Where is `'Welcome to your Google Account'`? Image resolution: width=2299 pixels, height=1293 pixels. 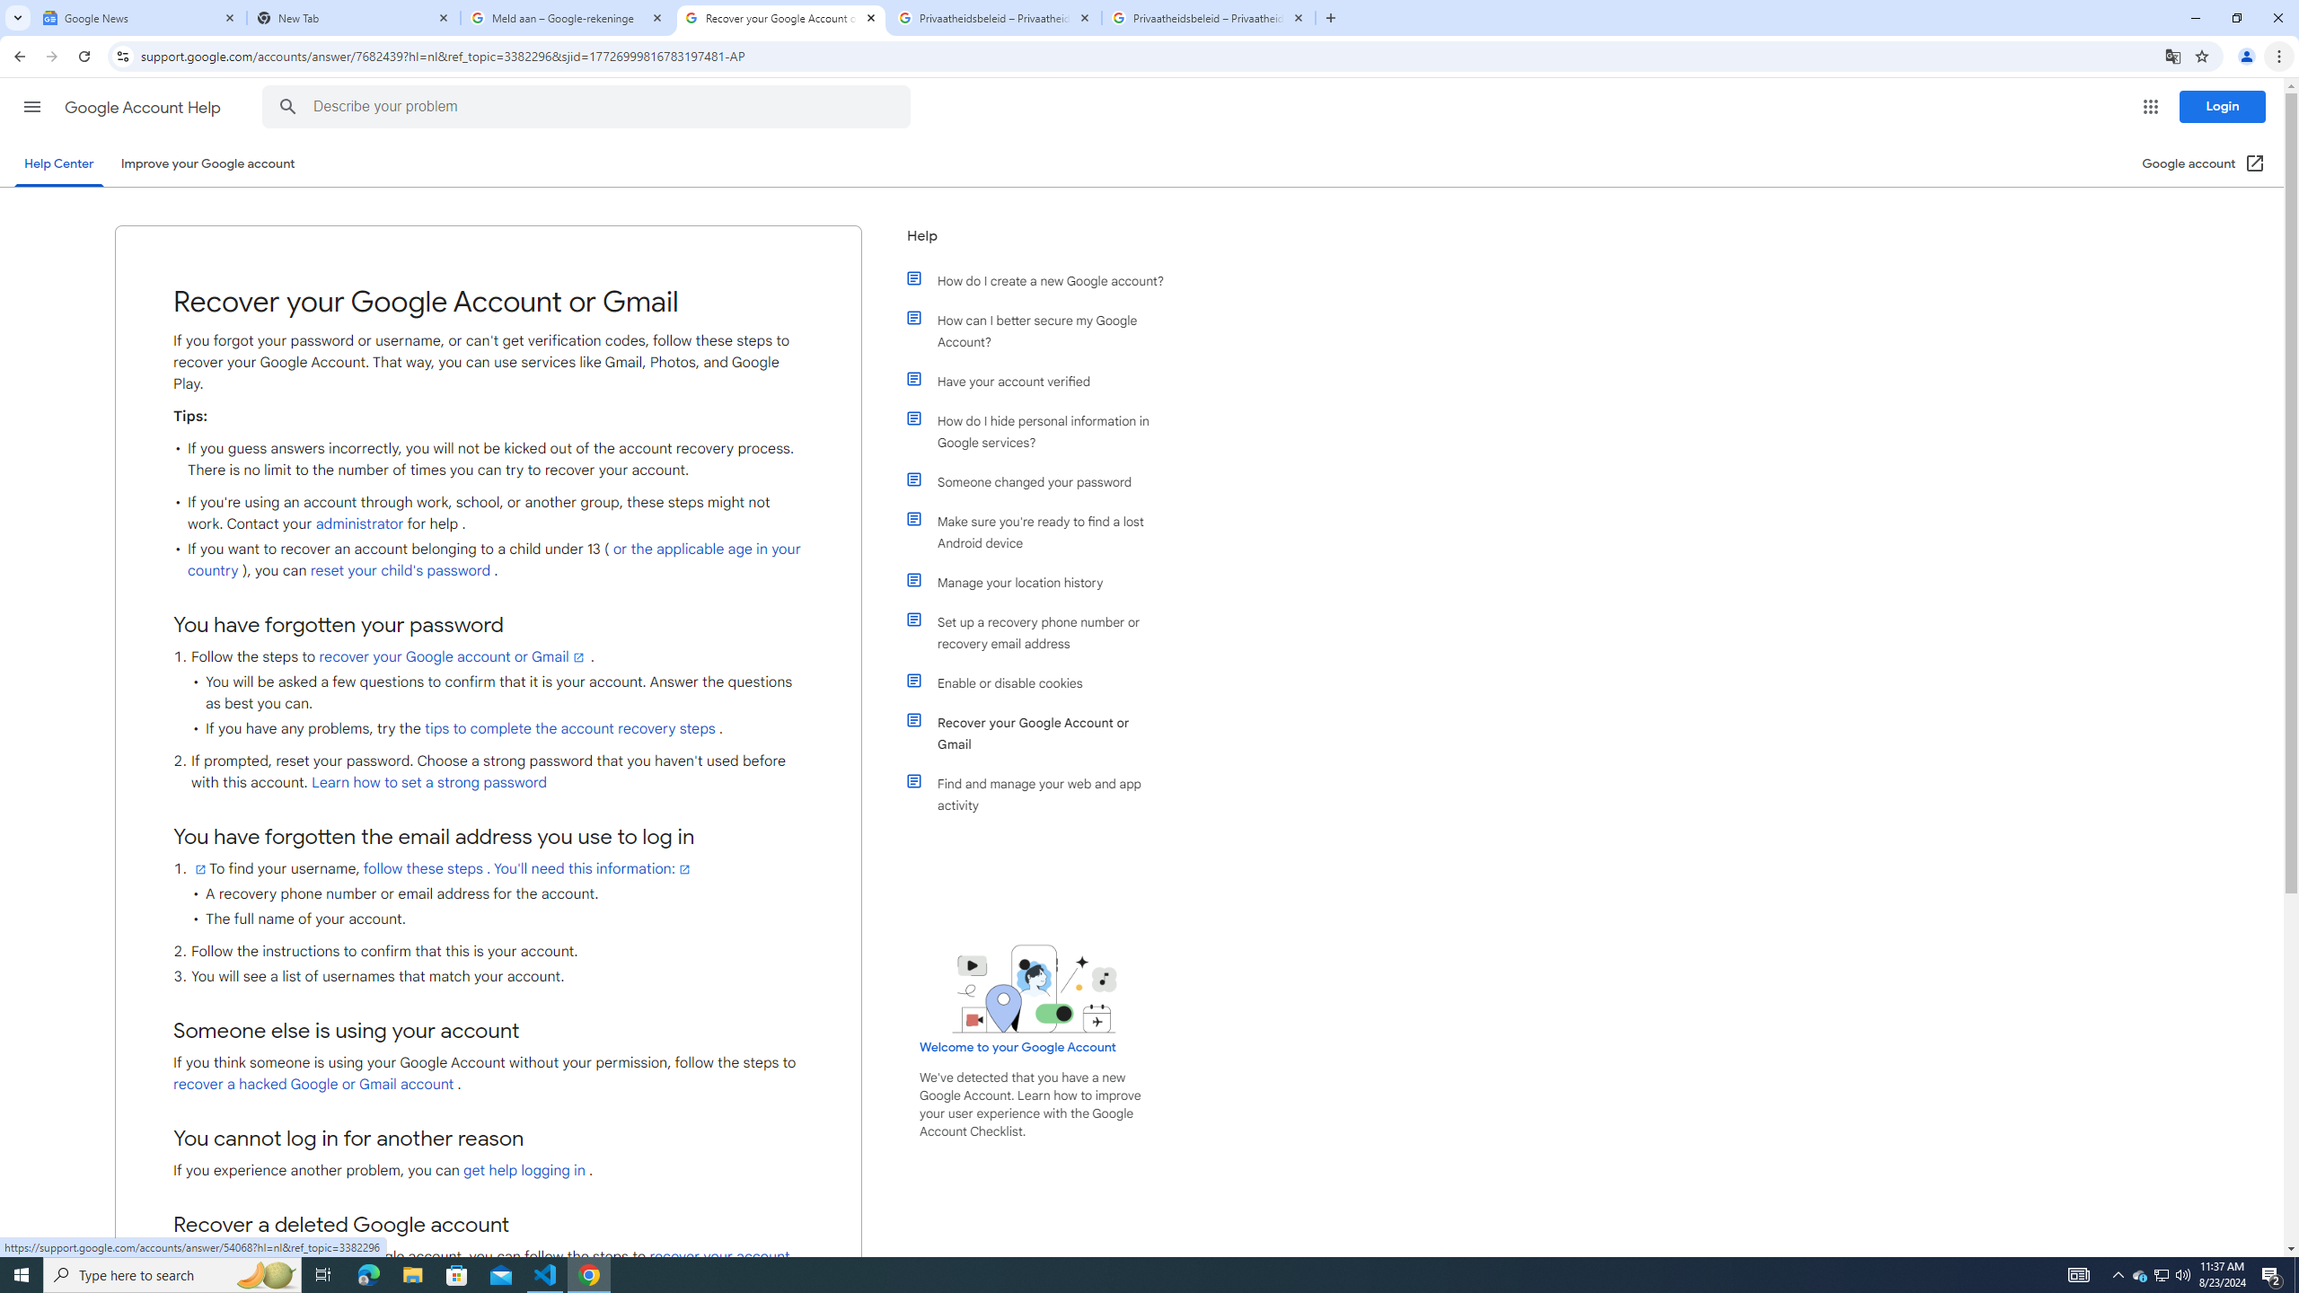 'Welcome to your Google Account' is located at coordinates (1017, 1045).